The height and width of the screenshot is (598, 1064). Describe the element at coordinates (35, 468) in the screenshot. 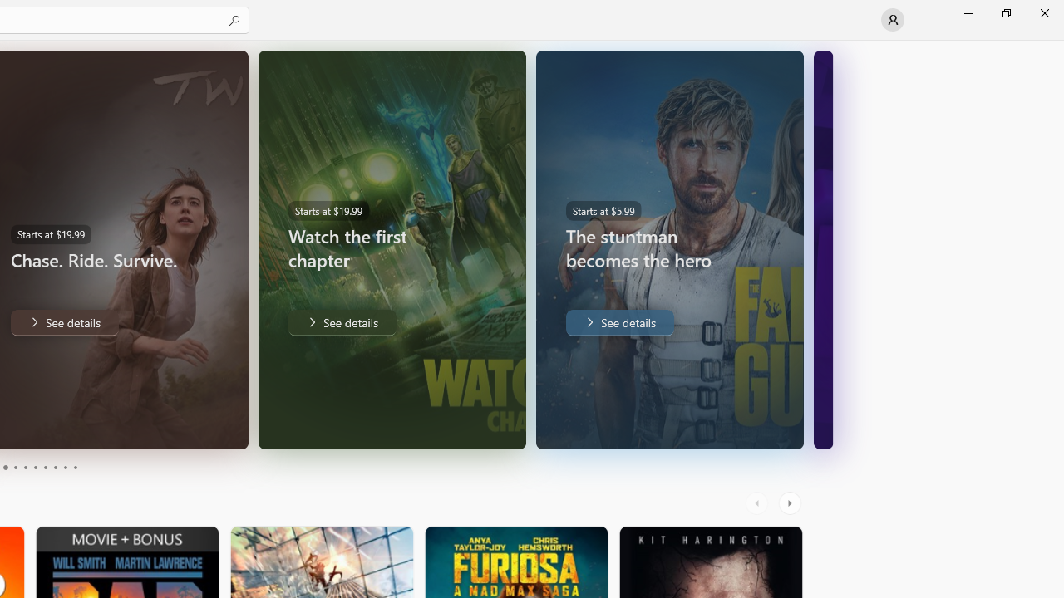

I see `'Page 6'` at that location.